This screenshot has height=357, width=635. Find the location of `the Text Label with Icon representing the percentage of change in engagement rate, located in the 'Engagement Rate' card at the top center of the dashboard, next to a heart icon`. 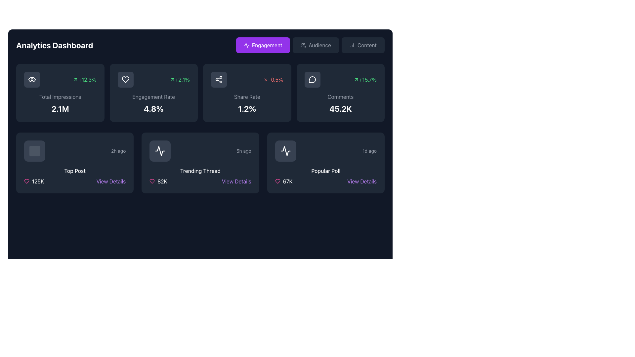

the Text Label with Icon representing the percentage of change in engagement rate, located in the 'Engagement Rate' card at the top center of the dashboard, next to a heart icon is located at coordinates (180, 79).